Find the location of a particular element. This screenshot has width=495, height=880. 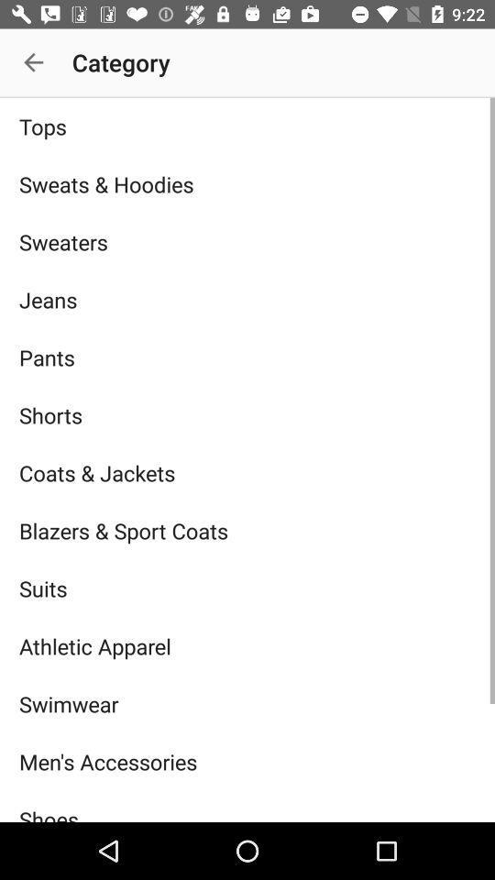

item below the men's accessories item is located at coordinates (247, 805).